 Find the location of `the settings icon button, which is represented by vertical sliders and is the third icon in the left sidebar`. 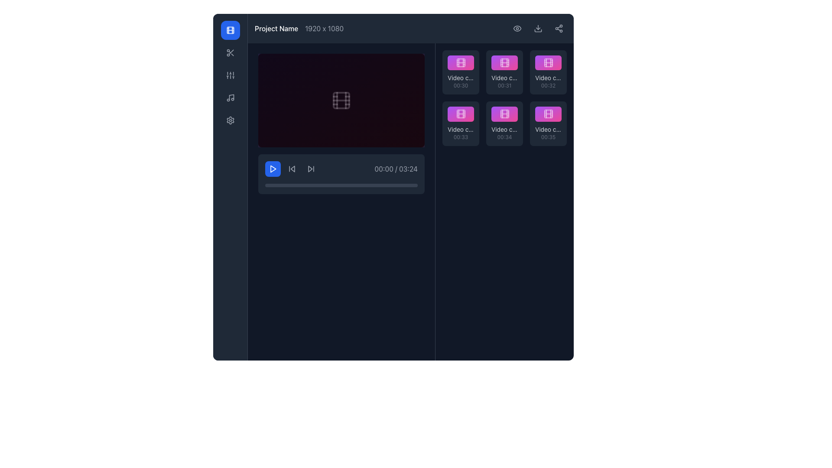

the settings icon button, which is represented by vertical sliders and is the third icon in the left sidebar is located at coordinates (230, 75).